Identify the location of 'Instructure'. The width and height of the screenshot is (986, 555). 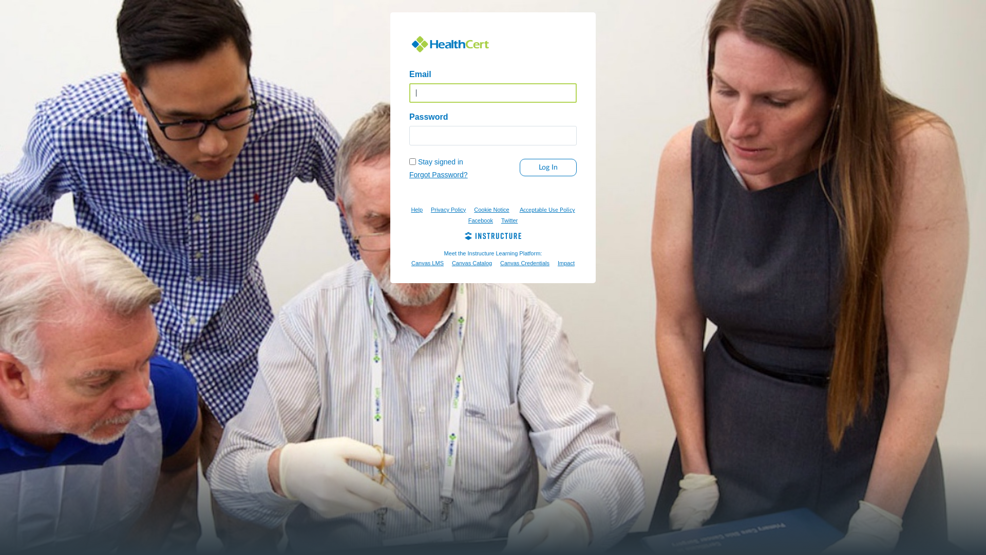
(493, 237).